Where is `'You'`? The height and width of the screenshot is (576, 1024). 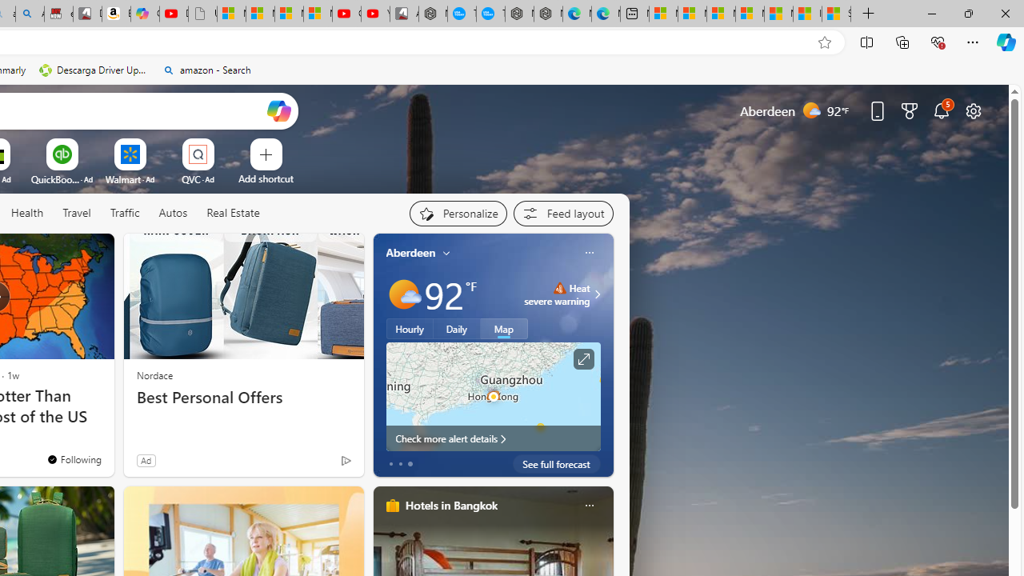 'You' is located at coordinates (73, 458).